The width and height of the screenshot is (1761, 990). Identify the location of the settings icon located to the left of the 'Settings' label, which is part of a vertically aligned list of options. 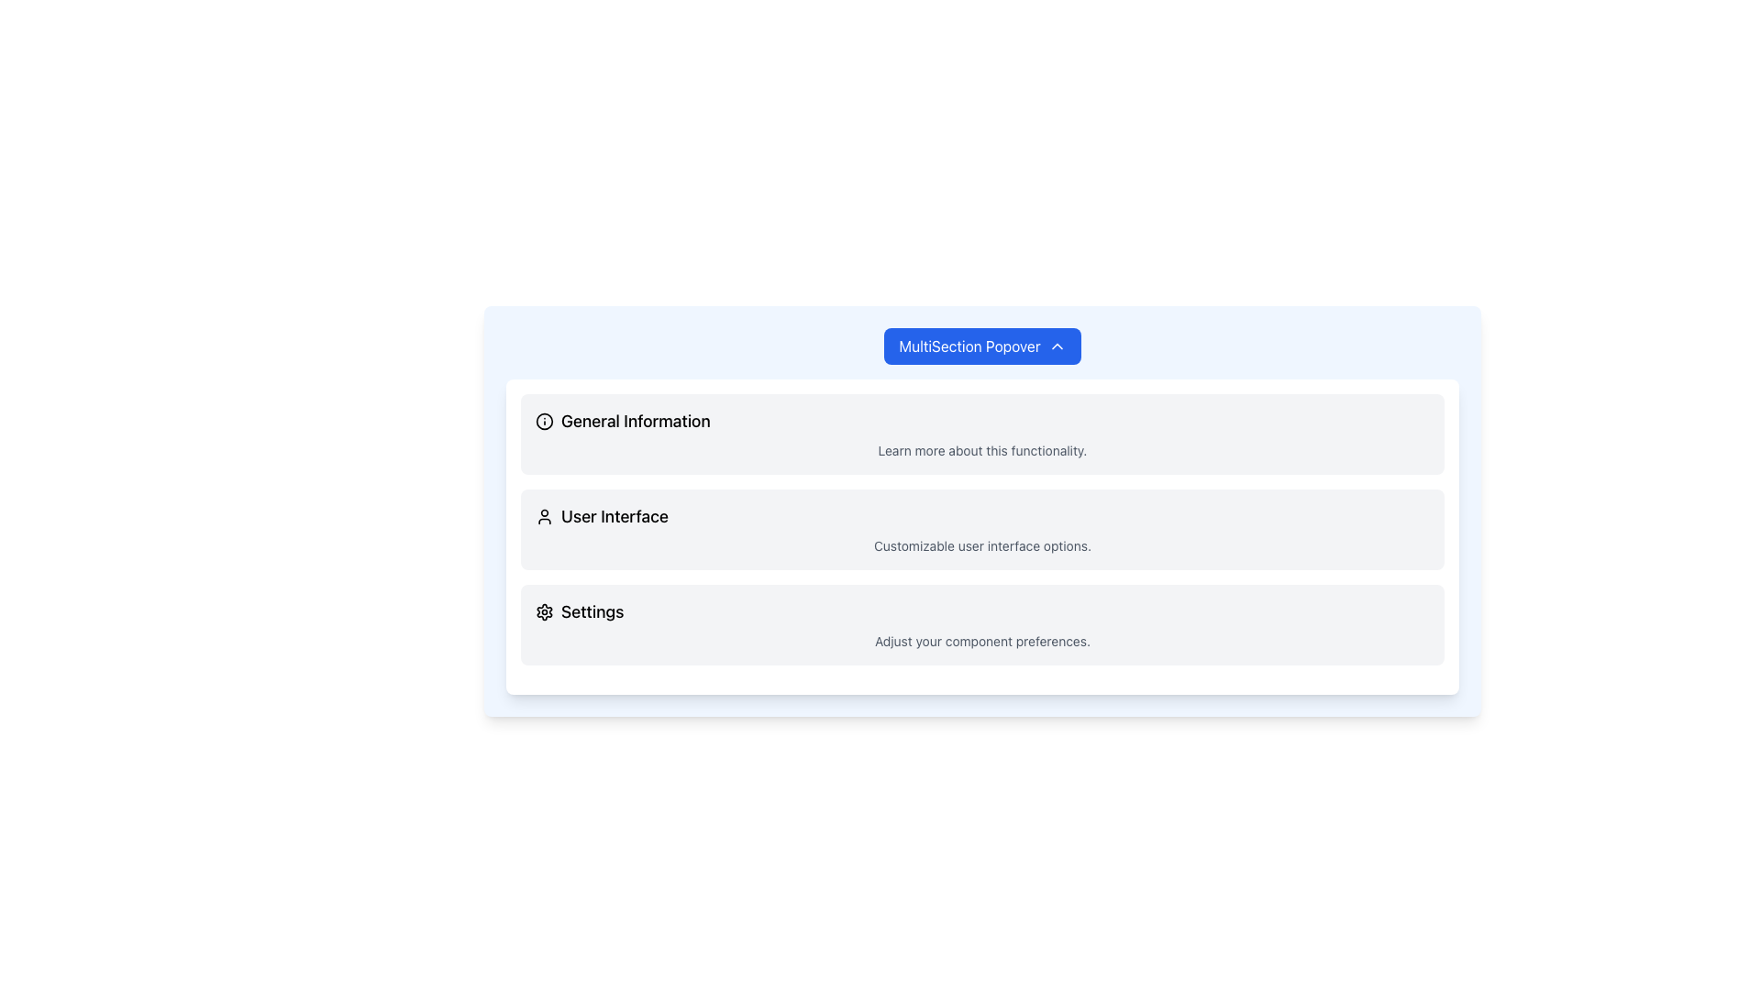
(544, 611).